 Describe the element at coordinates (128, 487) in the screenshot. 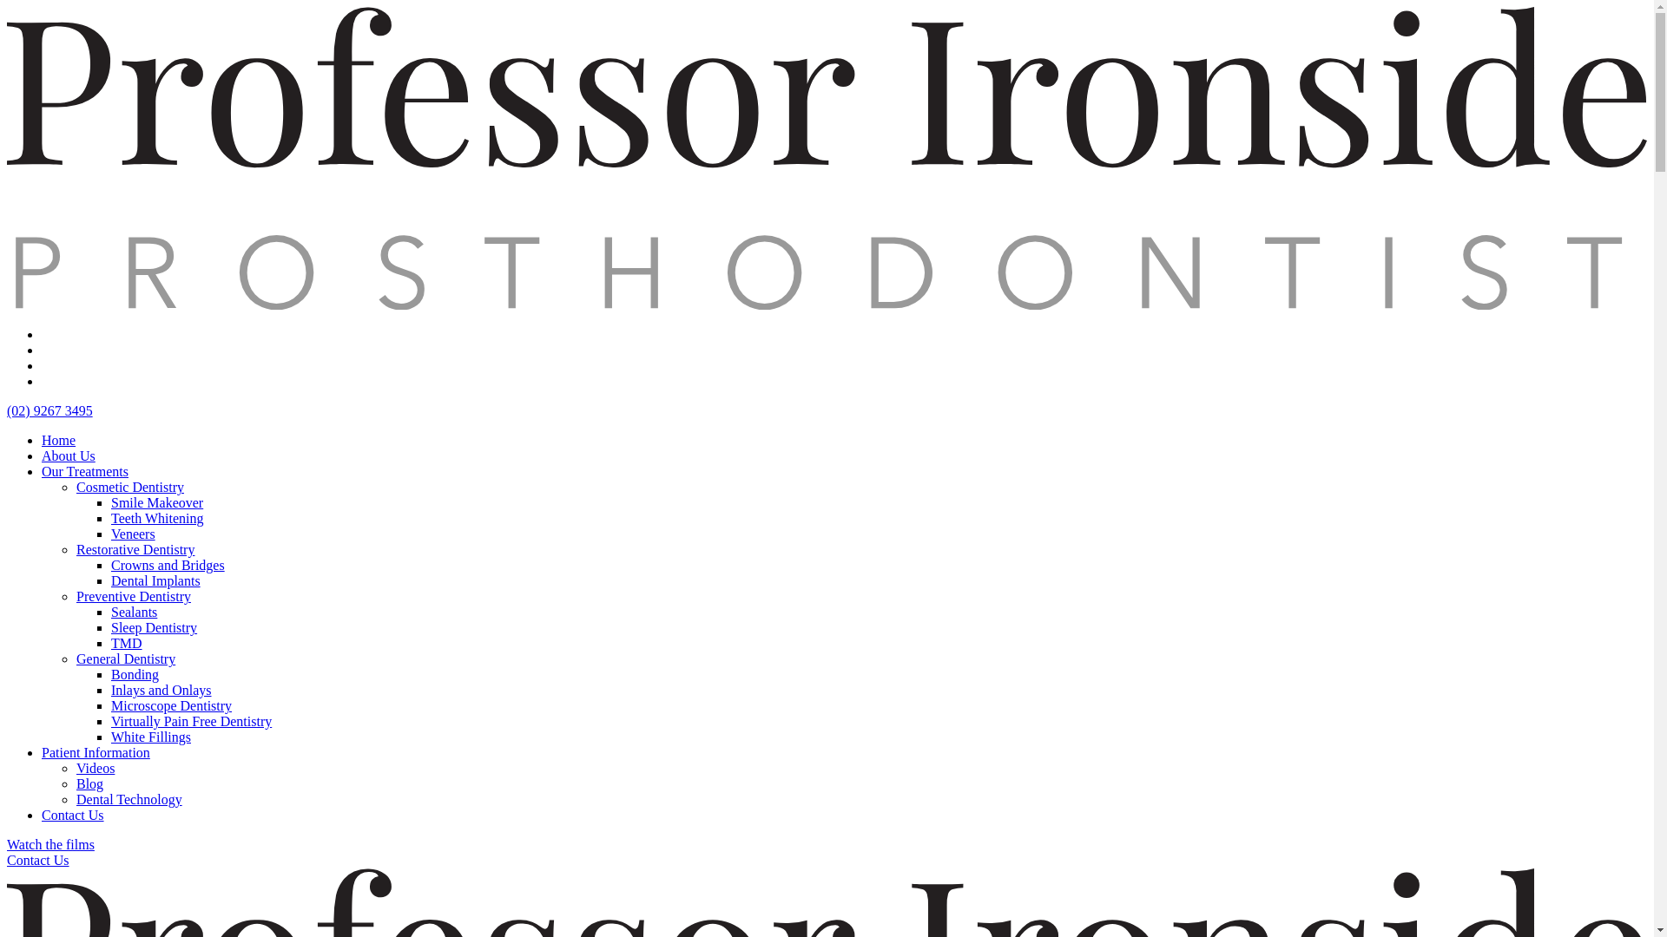

I see `'Cosmetic Dentistry'` at that location.